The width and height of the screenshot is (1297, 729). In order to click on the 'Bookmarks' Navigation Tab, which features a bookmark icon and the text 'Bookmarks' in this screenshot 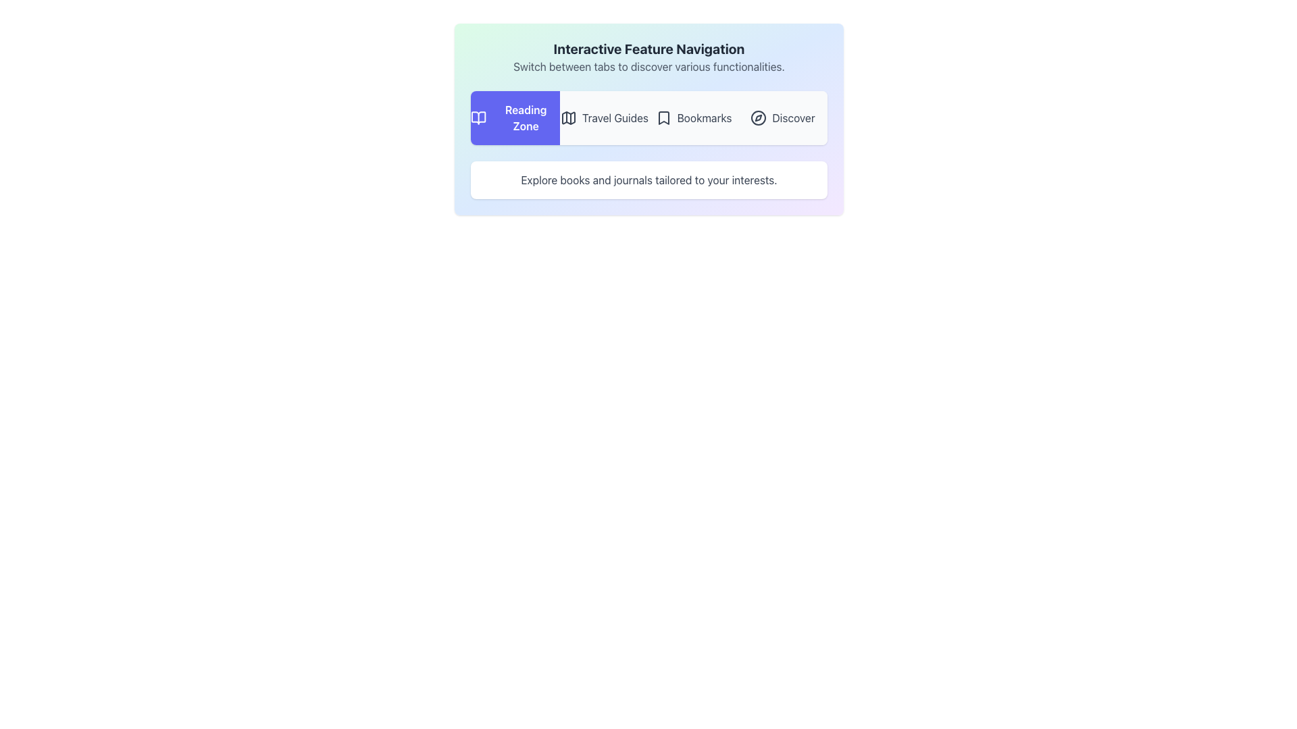, I will do `click(694, 117)`.